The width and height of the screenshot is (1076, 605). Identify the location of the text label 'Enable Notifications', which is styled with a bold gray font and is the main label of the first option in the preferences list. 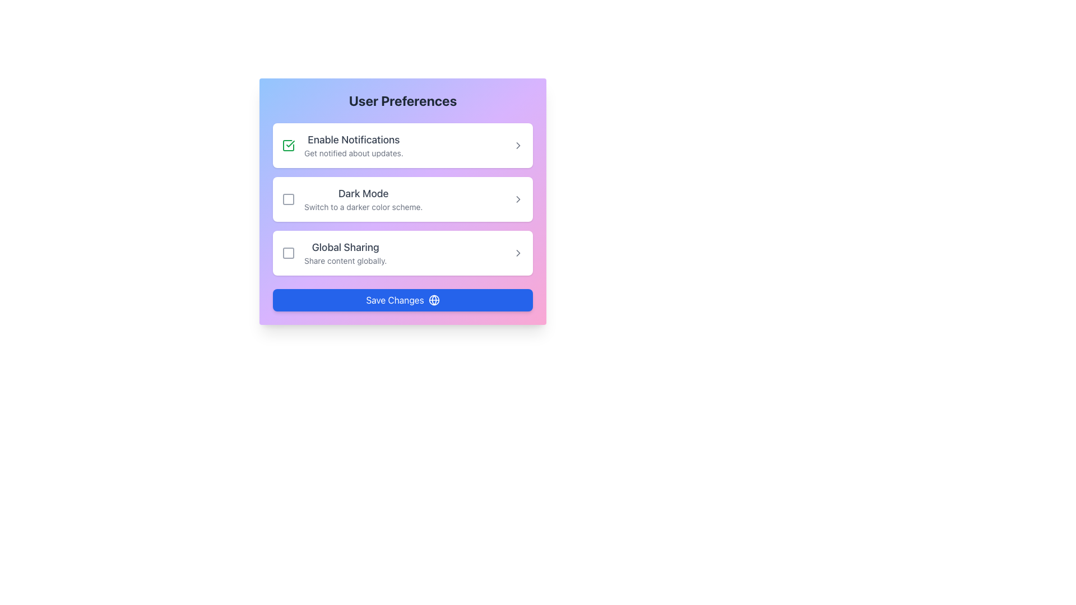
(353, 139).